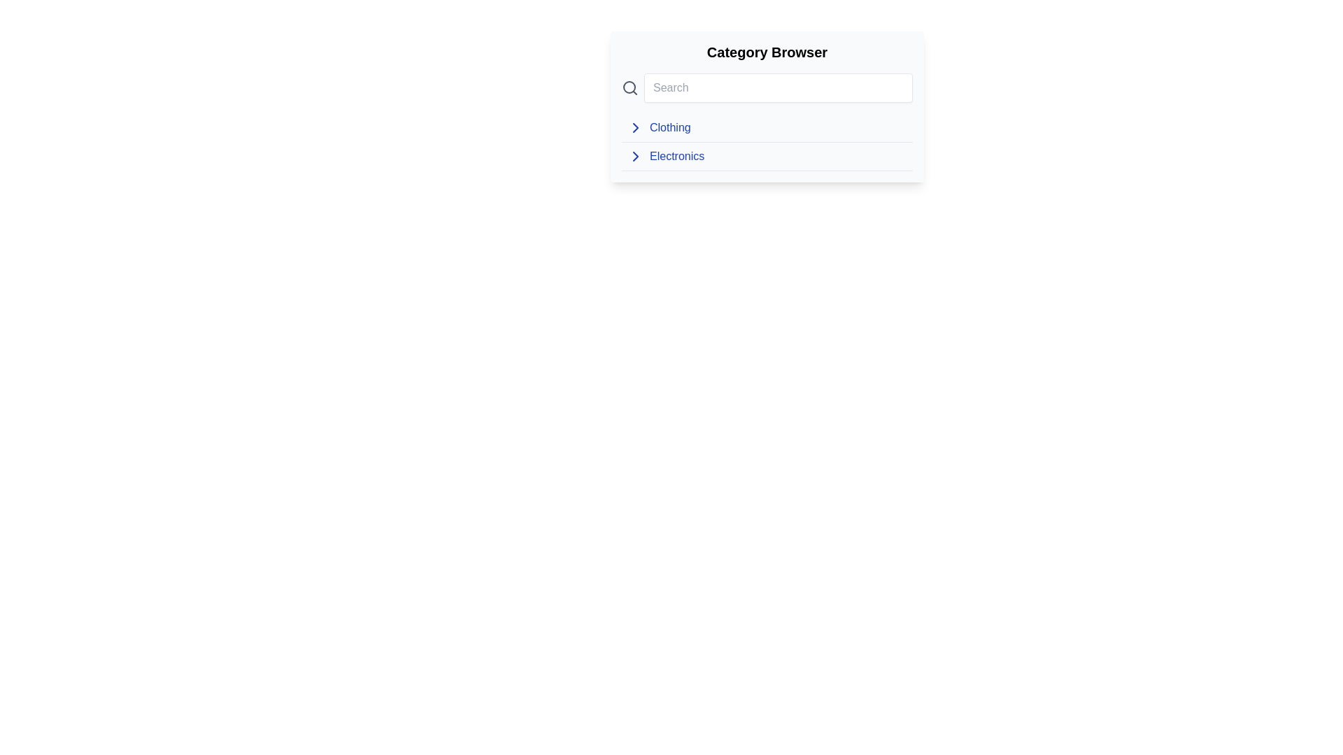 This screenshot has width=1343, height=755. Describe the element at coordinates (629, 87) in the screenshot. I see `the SVG Circle Shape that represents a magnifying glass, located to the left of the search bar in the 'Category Browser' box` at that location.